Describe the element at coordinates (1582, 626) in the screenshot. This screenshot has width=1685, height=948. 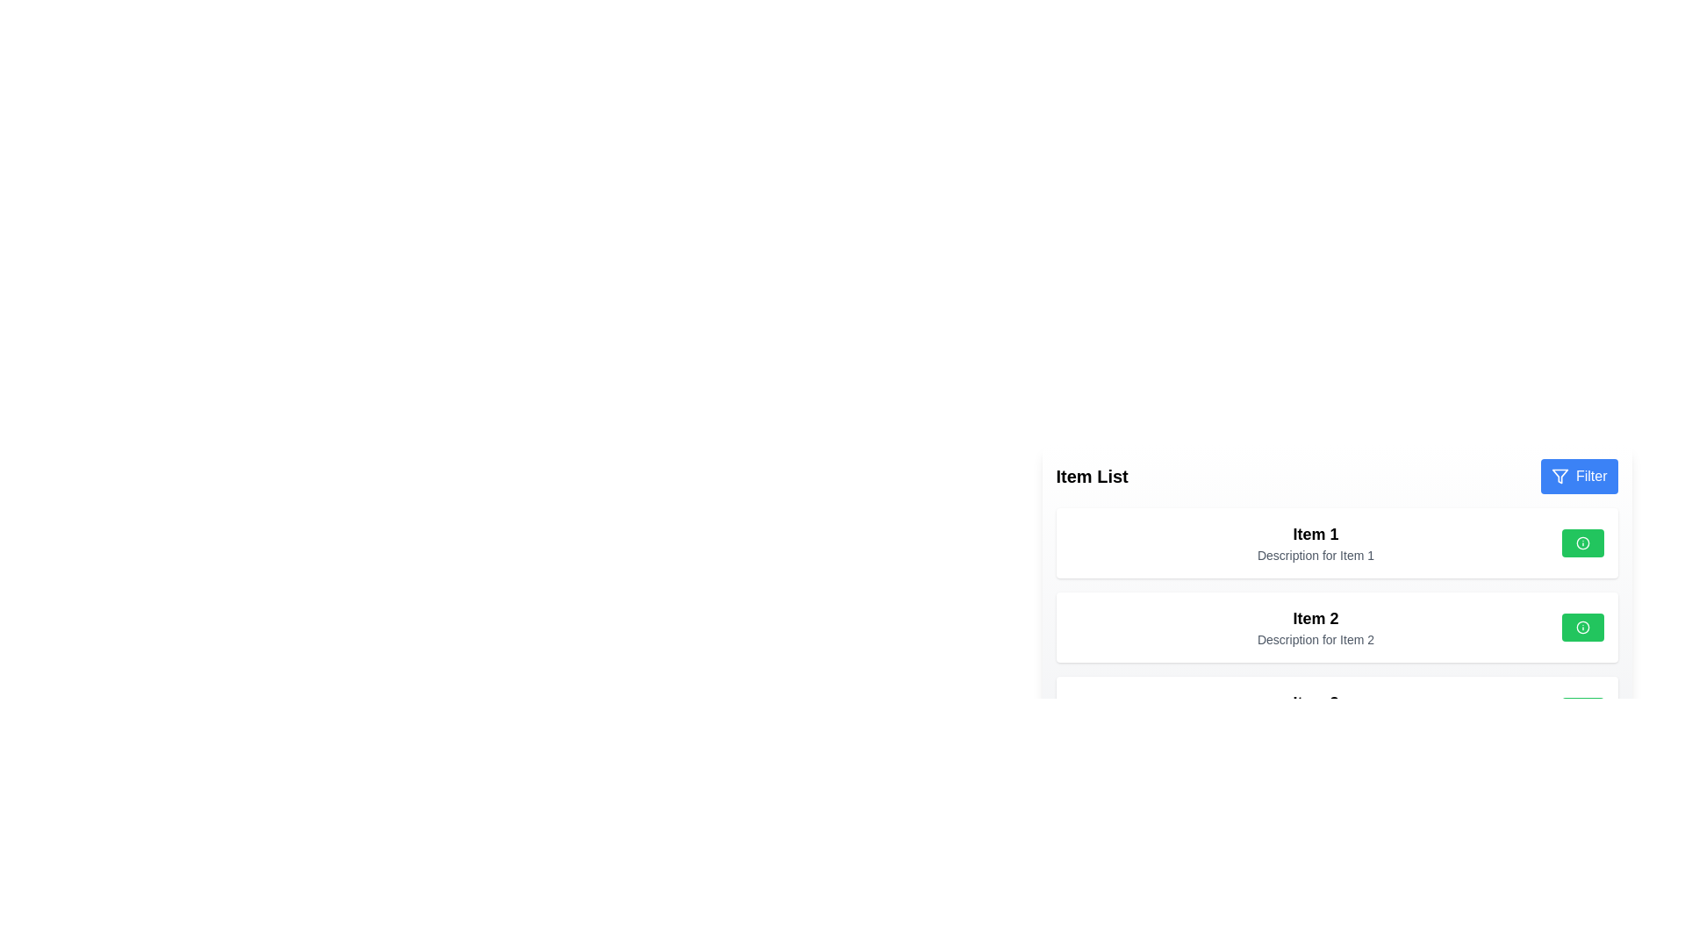
I see `the green button with rounded edges and a white circular icon at its center, located in the second item card of the list, aligned with the text description` at that location.